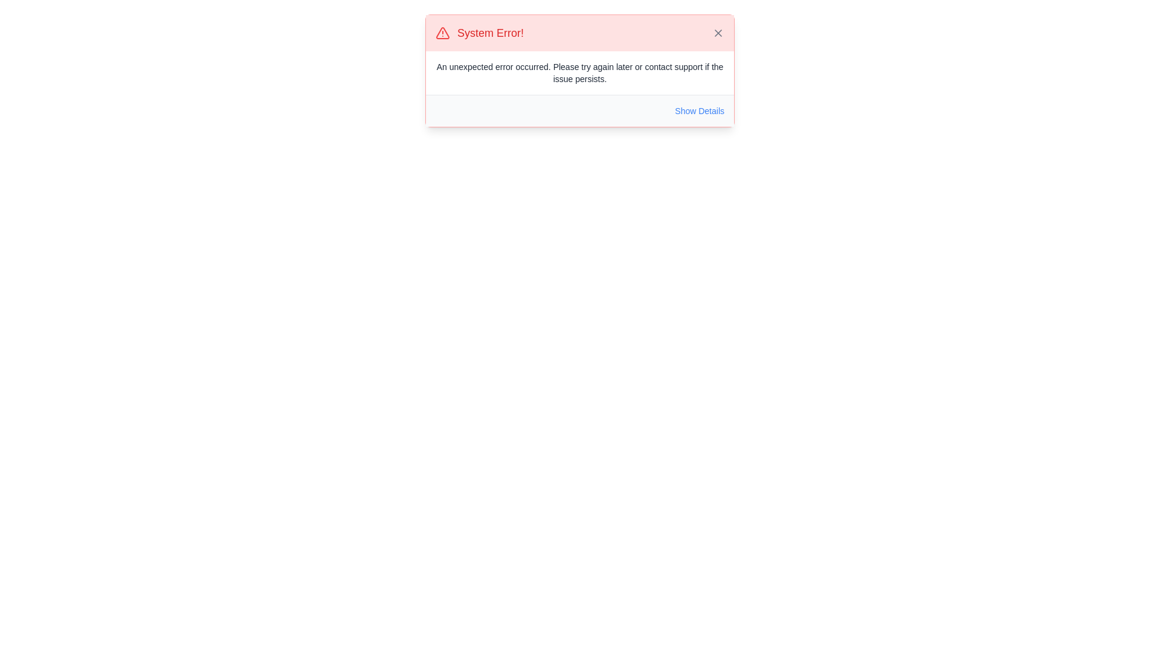 This screenshot has height=652, width=1160. Describe the element at coordinates (718, 32) in the screenshot. I see `the small close button located at the top-right corner of the red alert box` at that location.